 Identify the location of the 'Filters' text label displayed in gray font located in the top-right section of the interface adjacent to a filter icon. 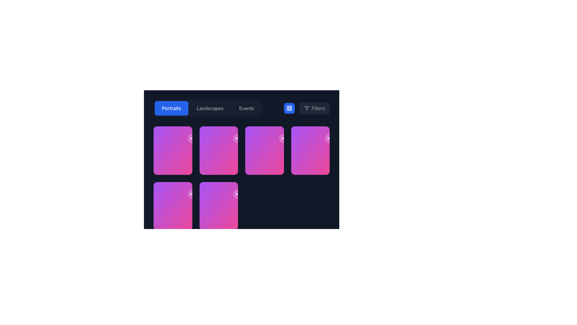
(318, 108).